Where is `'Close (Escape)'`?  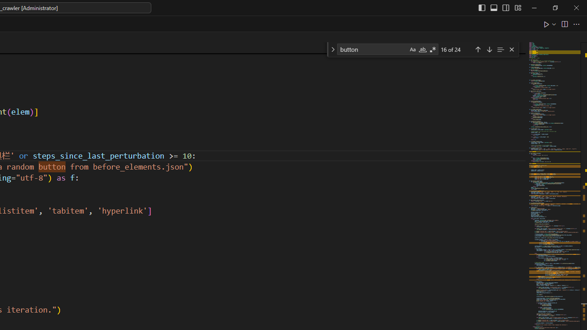
'Close (Escape)' is located at coordinates (511, 49).